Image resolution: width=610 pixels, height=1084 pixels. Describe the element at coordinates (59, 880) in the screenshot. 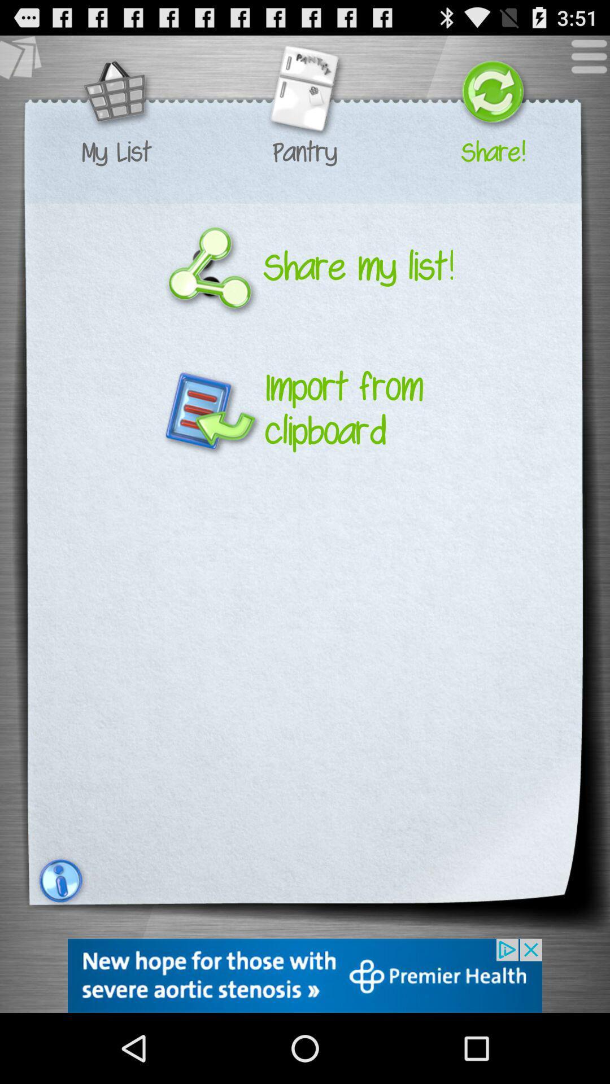

I see `informations` at that location.